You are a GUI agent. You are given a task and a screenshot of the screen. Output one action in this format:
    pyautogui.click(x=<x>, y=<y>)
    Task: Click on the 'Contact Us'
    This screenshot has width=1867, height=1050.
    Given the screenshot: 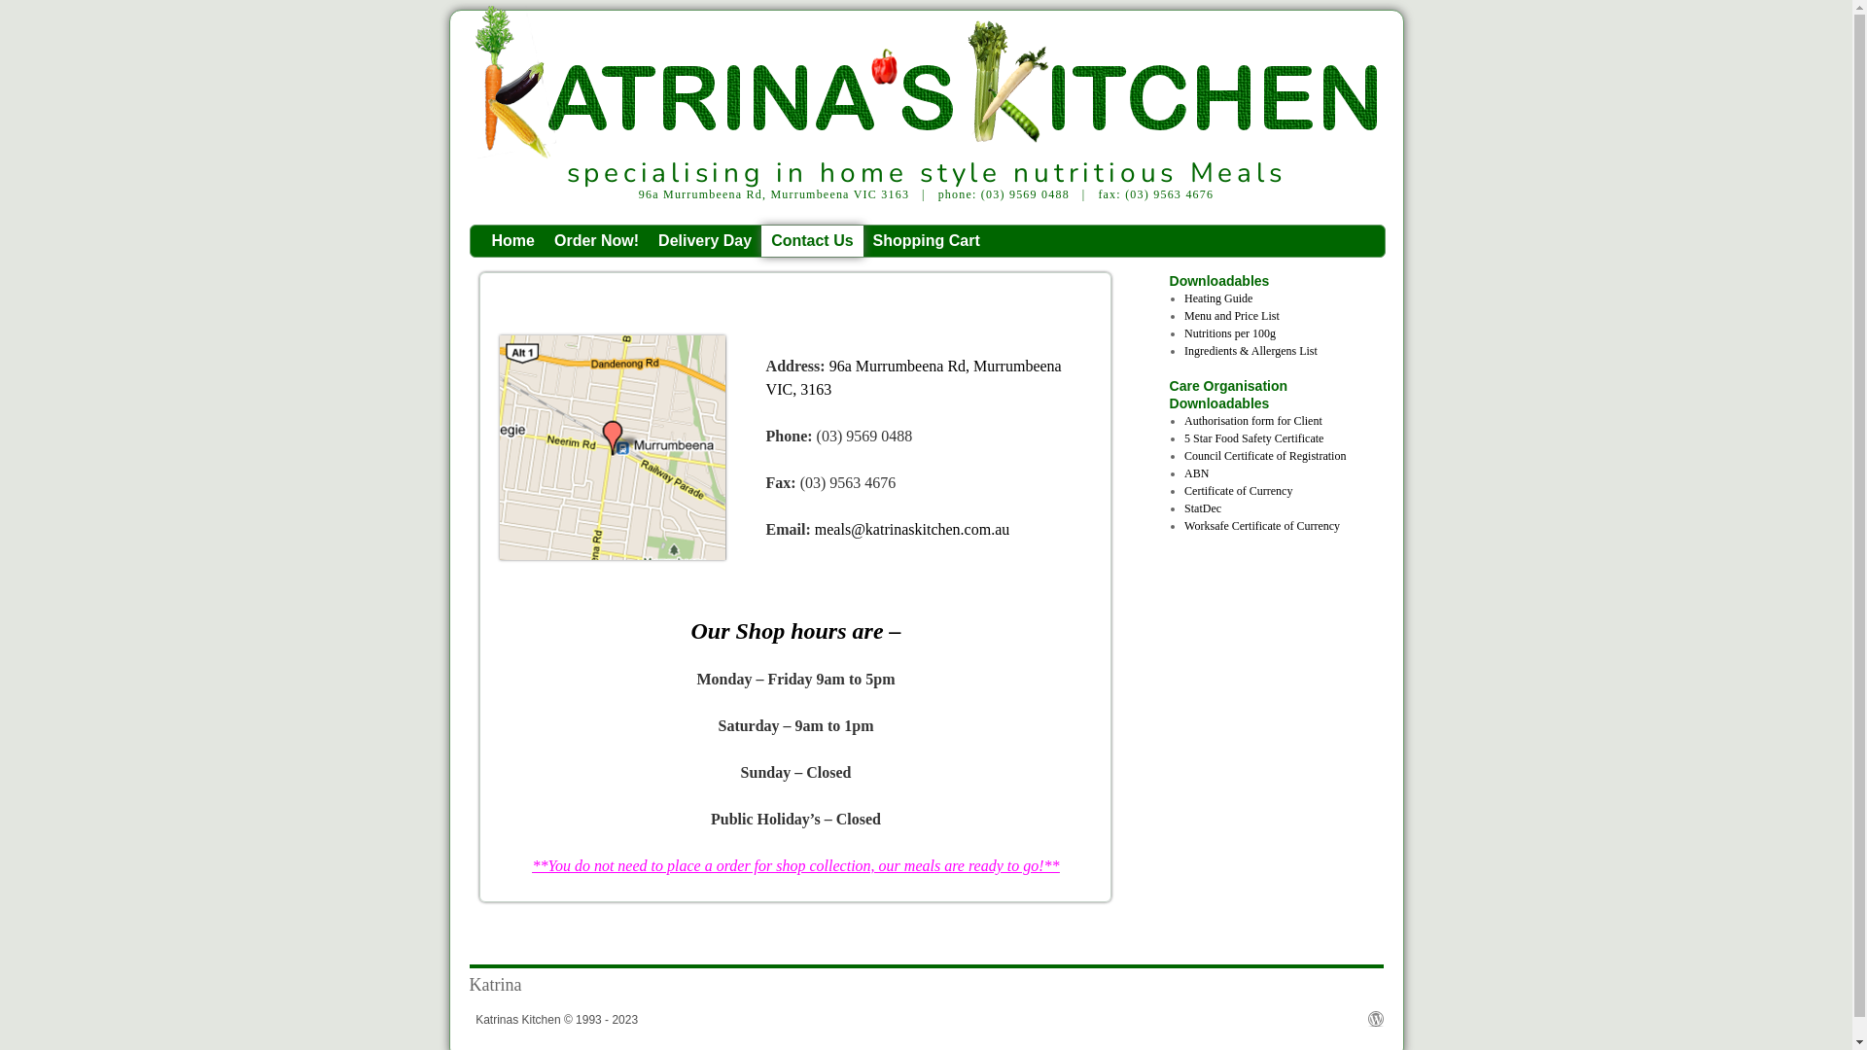 What is the action you would take?
    pyautogui.click(x=812, y=239)
    